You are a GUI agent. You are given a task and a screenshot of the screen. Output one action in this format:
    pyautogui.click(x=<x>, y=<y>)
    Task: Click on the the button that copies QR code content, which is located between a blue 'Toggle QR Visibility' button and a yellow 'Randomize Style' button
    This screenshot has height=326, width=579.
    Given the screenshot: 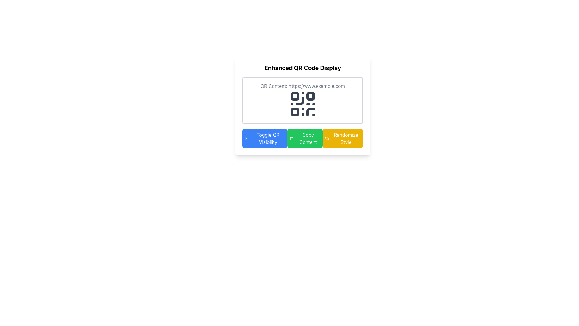 What is the action you would take?
    pyautogui.click(x=305, y=139)
    